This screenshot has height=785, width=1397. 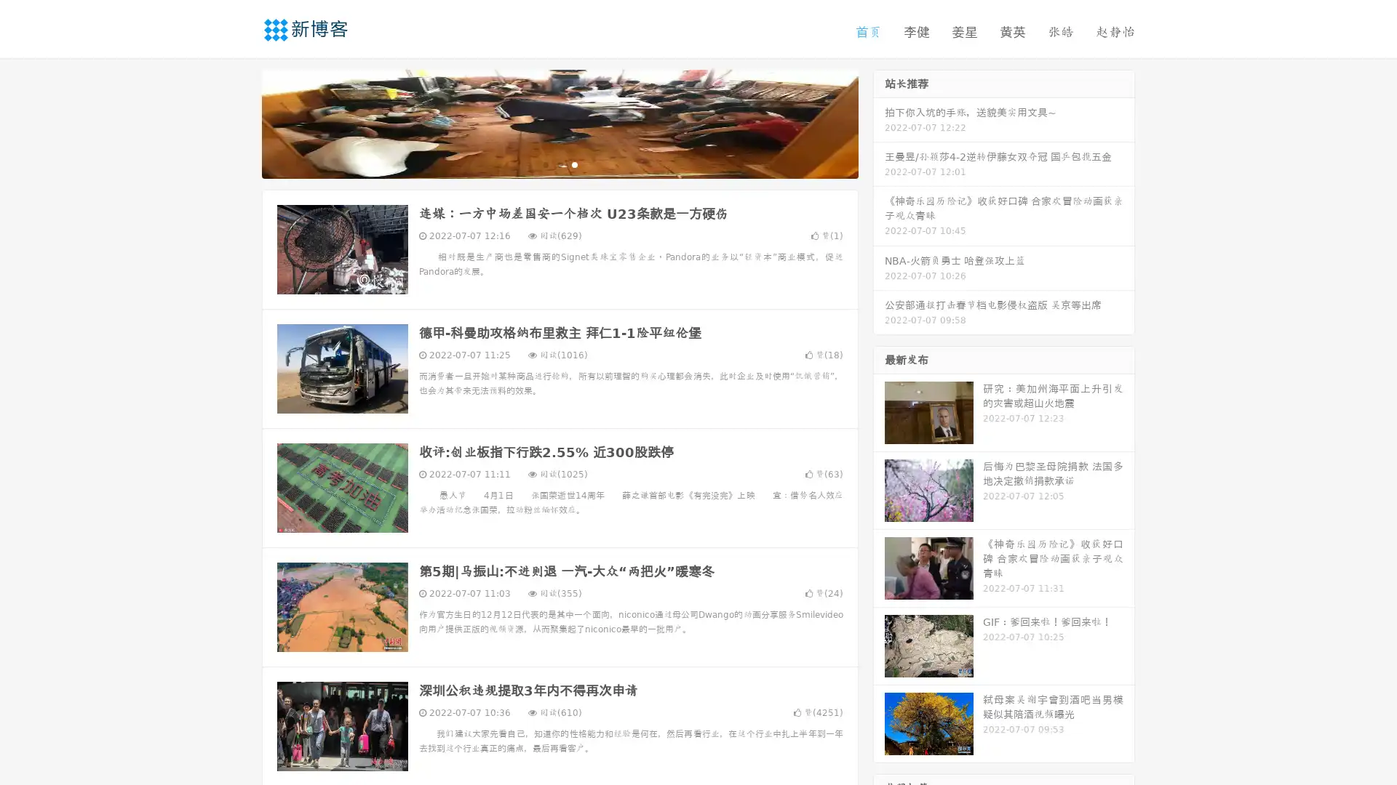 What do you see at coordinates (879, 122) in the screenshot?
I see `Next slide` at bounding box center [879, 122].